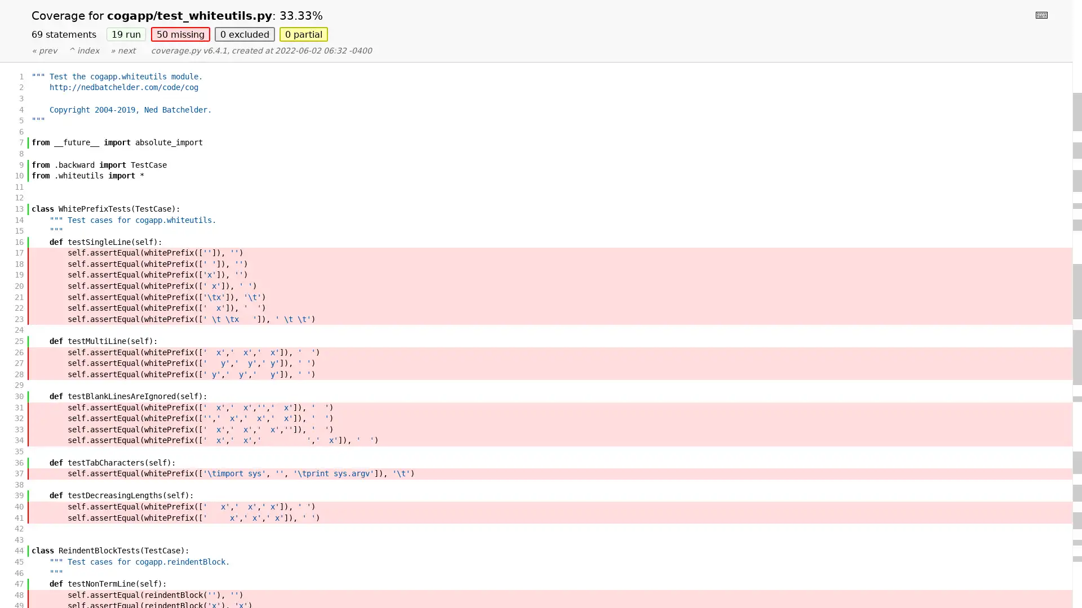  What do you see at coordinates (125, 34) in the screenshot?
I see `19 run` at bounding box center [125, 34].